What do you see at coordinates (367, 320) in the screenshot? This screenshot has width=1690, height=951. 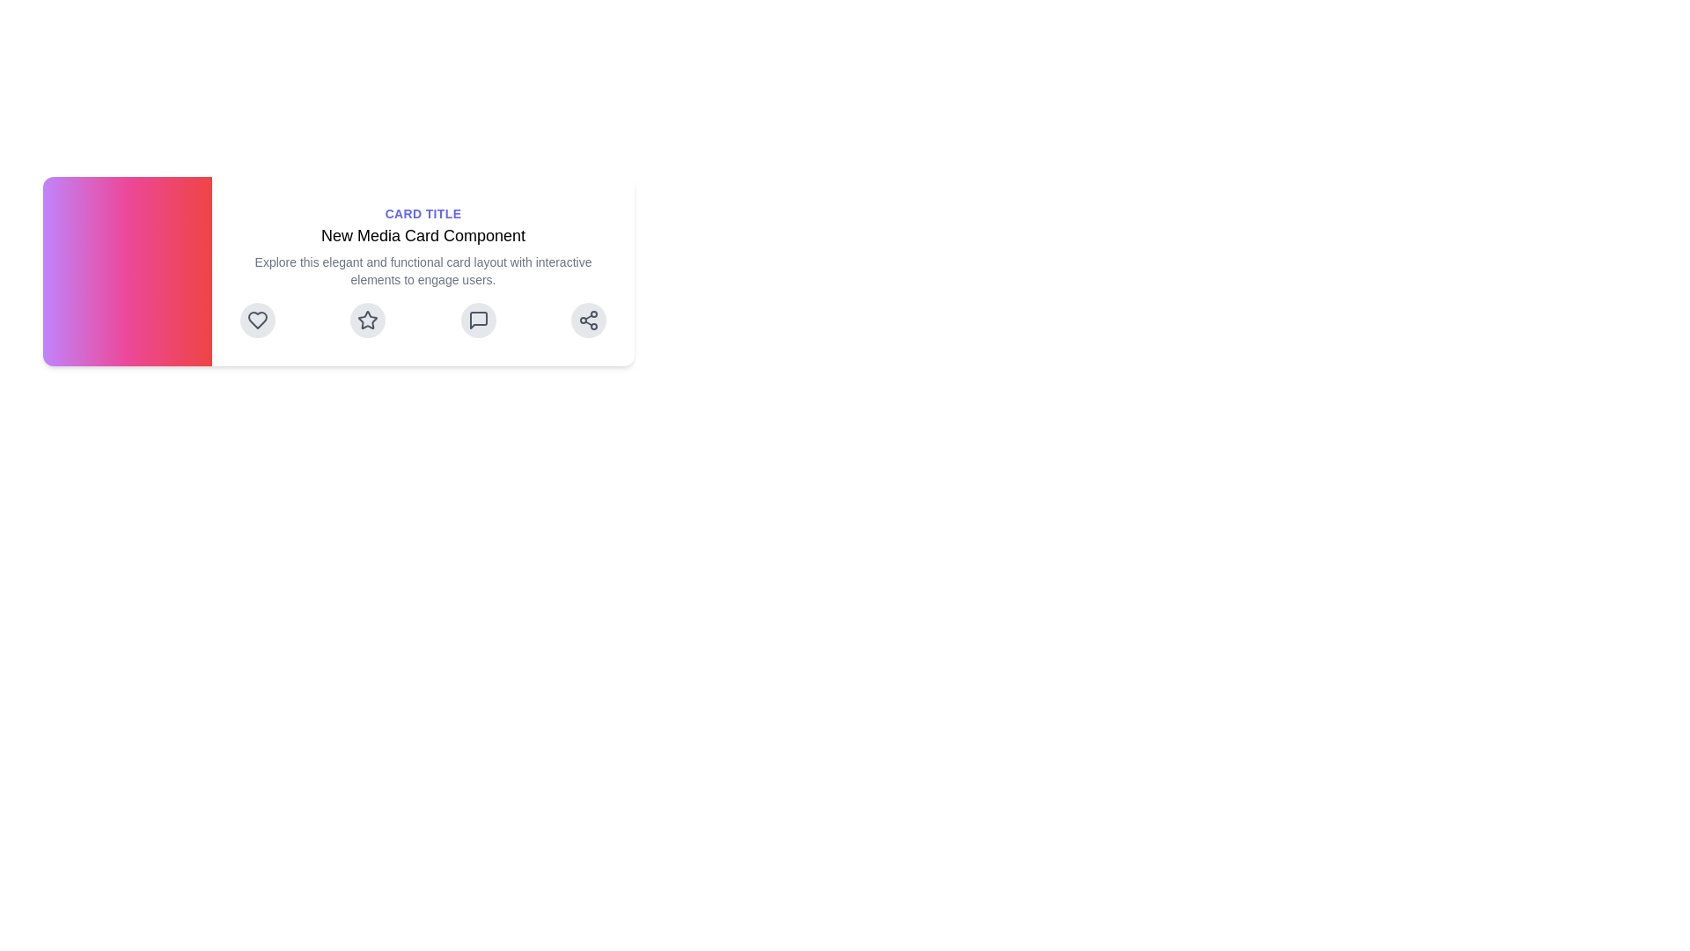 I see `the second icon from the left, which is a star-shaped icon with a hollow center, to interact with it` at bounding box center [367, 320].